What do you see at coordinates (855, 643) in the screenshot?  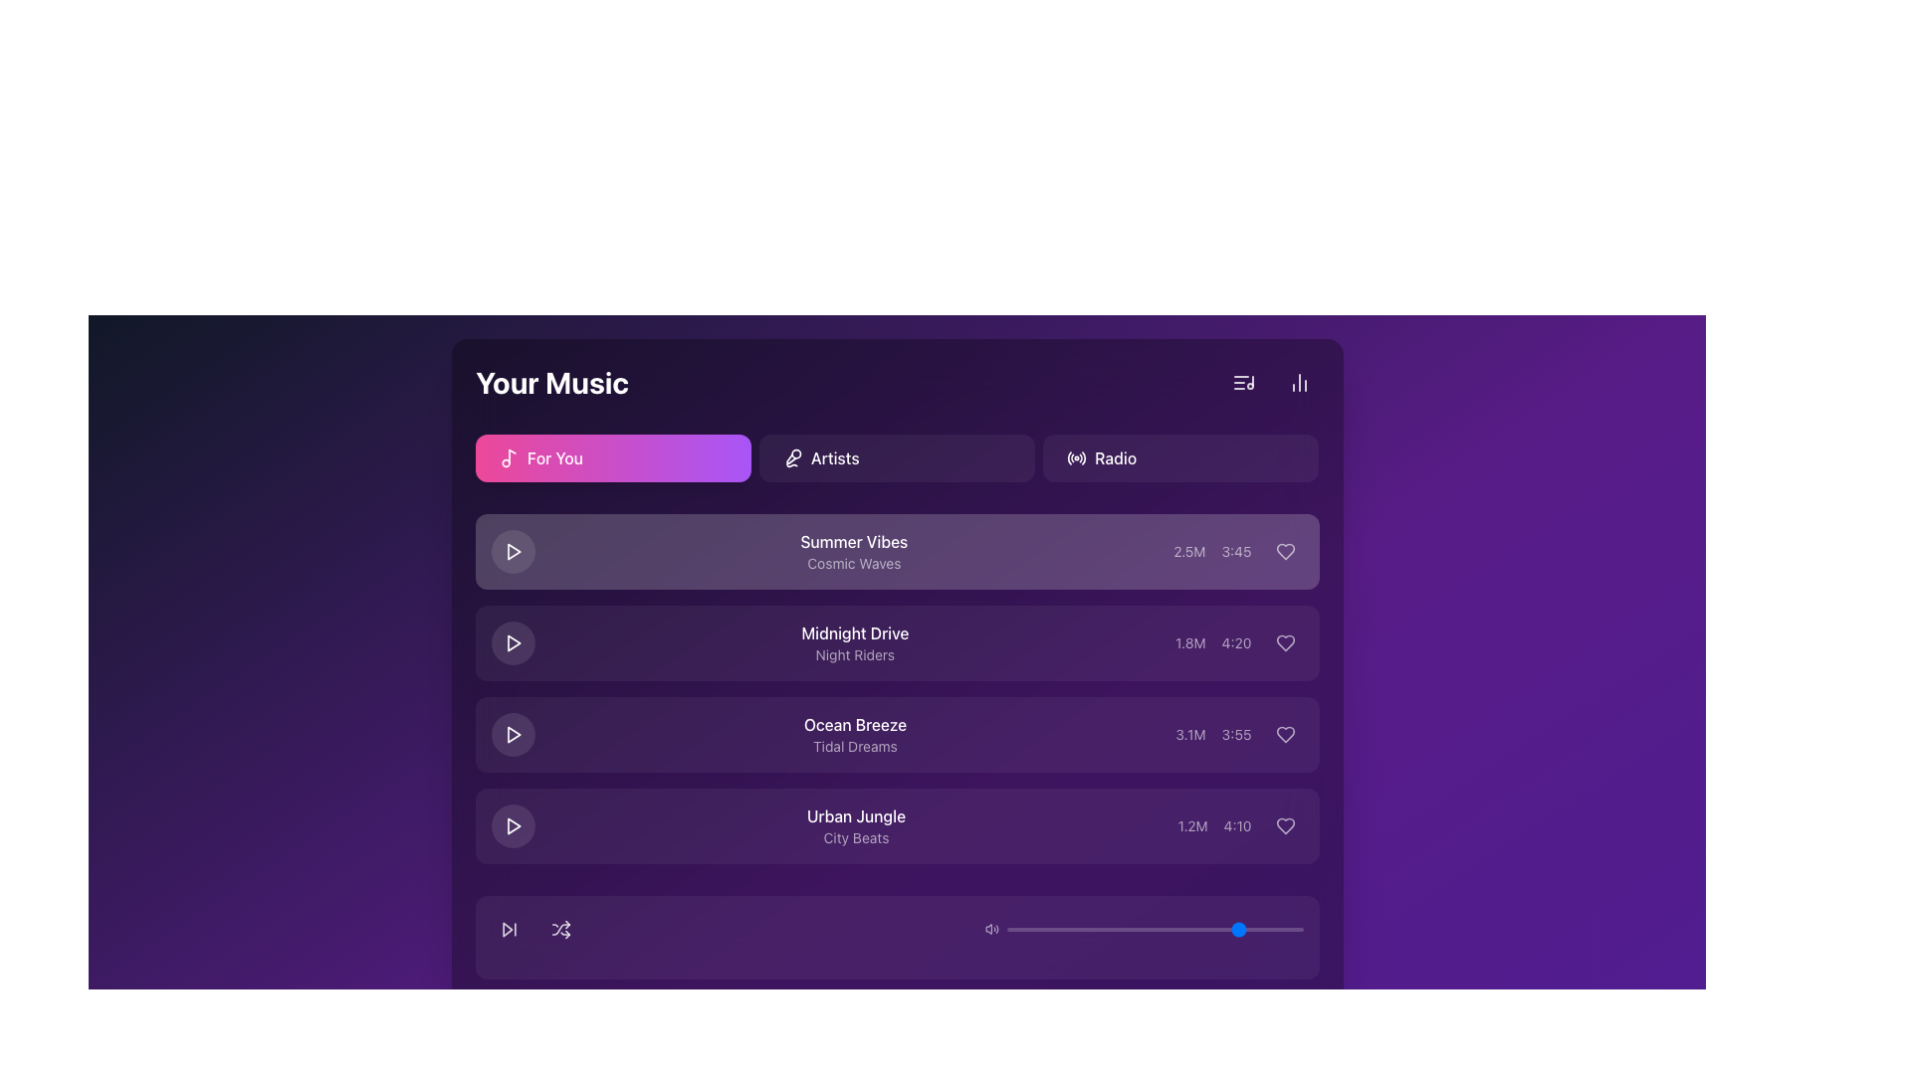 I see `the text display indicating the song 'Midnight Drive' and artist 'Night Riders' to perform an action, such as playing the song` at bounding box center [855, 643].